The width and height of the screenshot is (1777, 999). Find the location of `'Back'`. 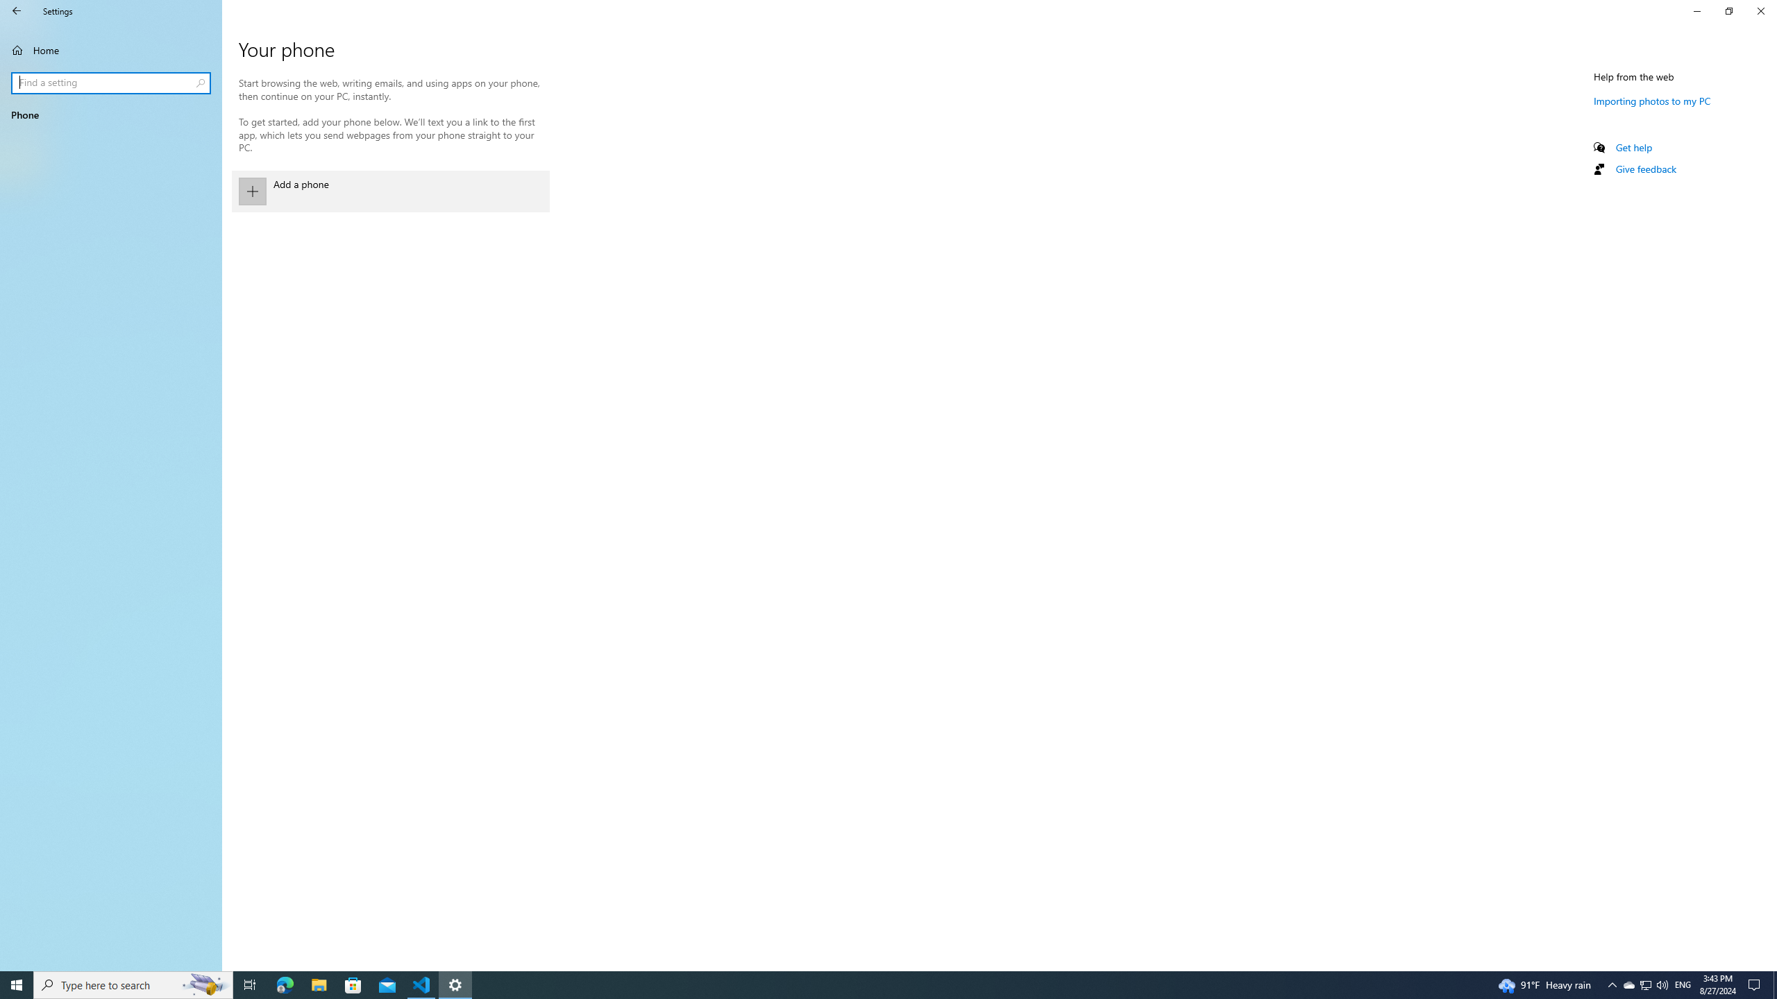

'Back' is located at coordinates (17, 10).